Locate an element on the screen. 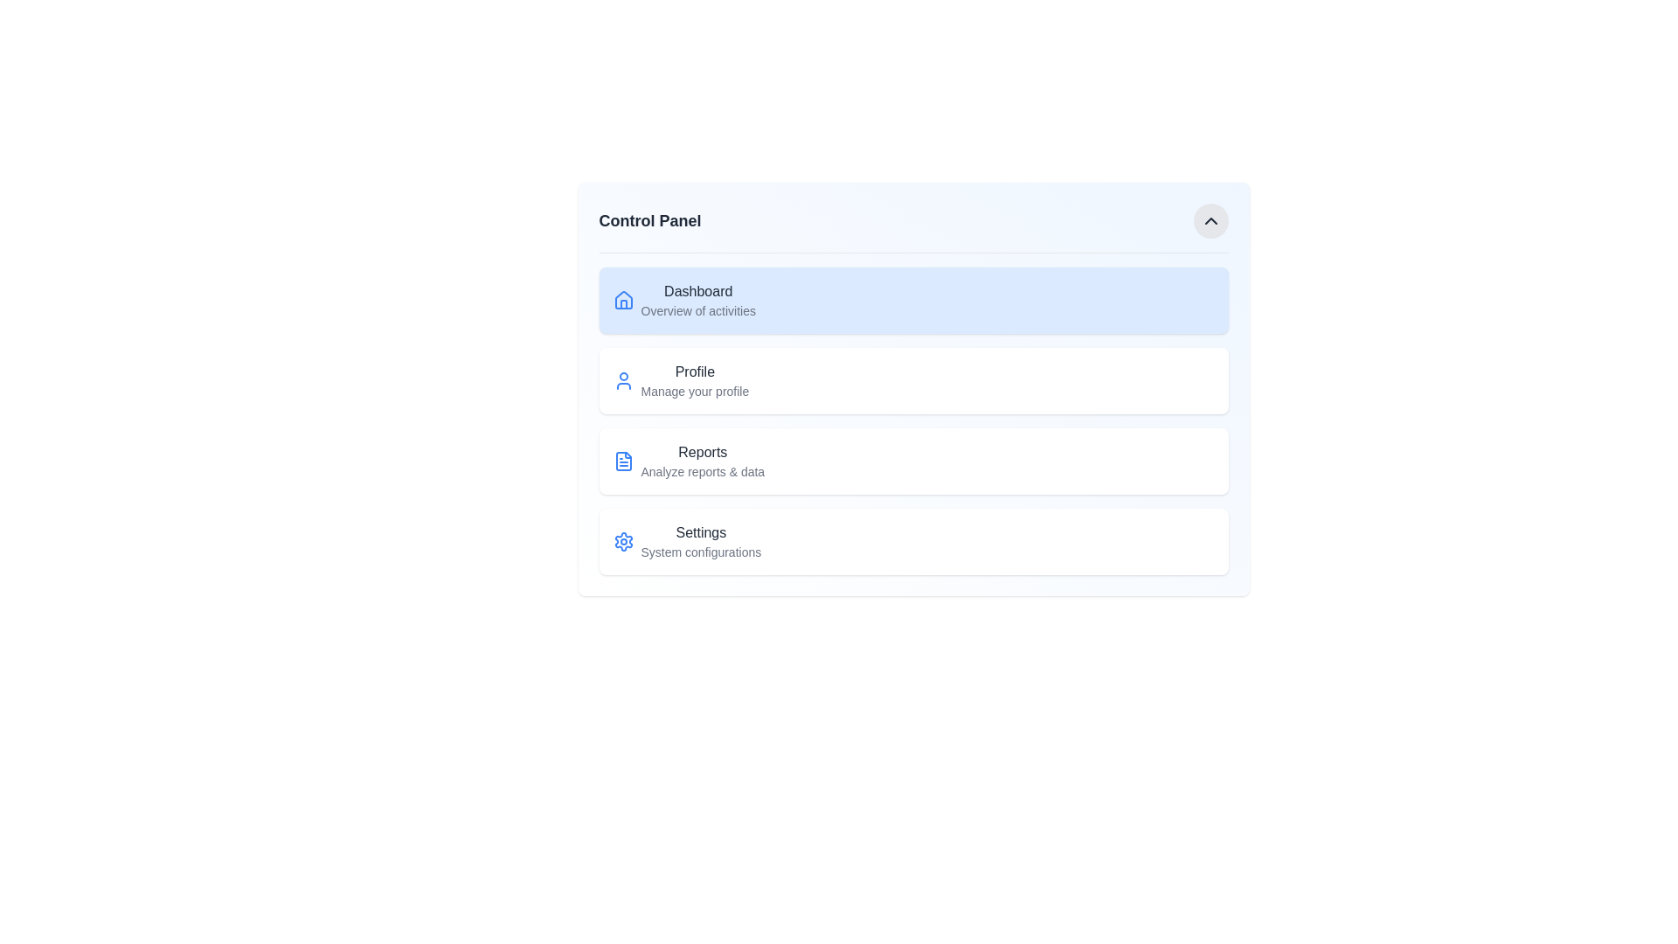  the 'Settings' button located at the bottom of the control panel interface, which features a red-bordered gear icon and the text 'Settings' is located at coordinates (623, 541).